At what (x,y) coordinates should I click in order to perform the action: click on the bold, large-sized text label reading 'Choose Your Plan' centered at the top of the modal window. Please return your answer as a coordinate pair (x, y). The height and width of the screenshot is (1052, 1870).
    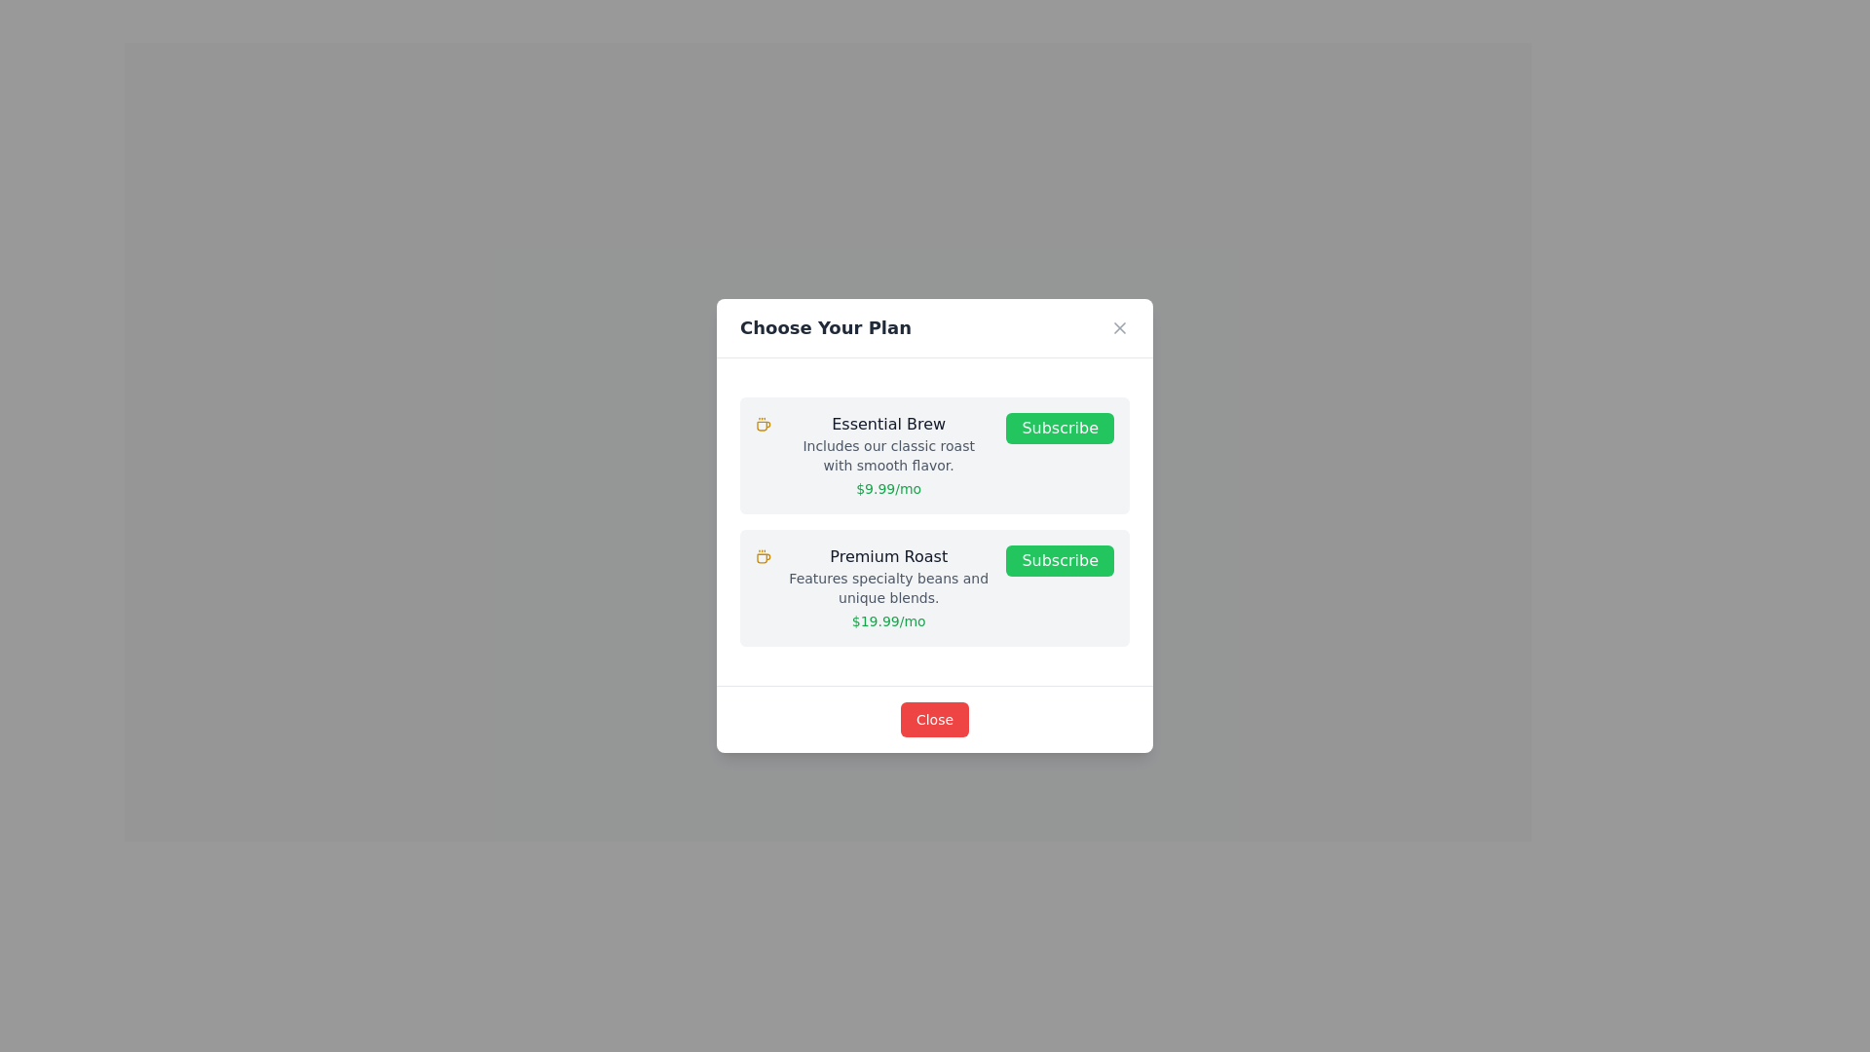
    Looking at the image, I should click on (826, 326).